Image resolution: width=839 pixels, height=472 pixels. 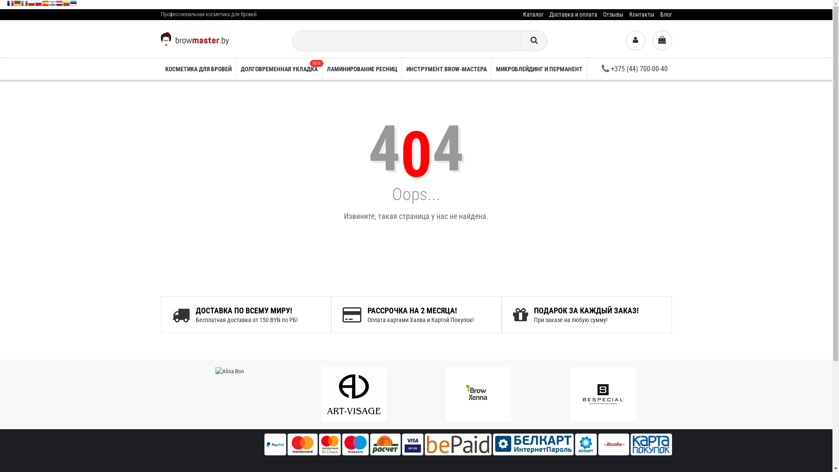 I want to click on 'Visa', so click(x=412, y=444).